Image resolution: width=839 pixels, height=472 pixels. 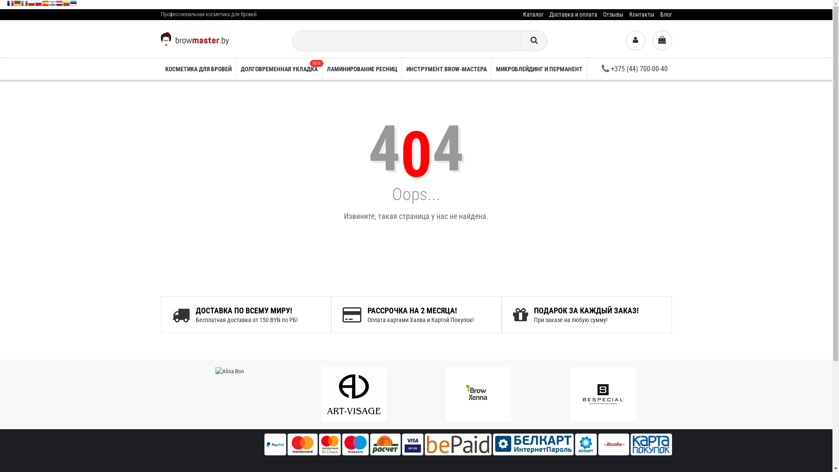 I want to click on 'Visa', so click(x=412, y=444).